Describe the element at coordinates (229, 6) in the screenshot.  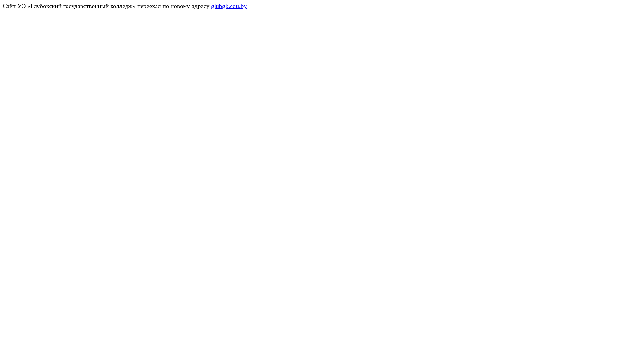
I see `'glubgk.edu.by'` at that location.